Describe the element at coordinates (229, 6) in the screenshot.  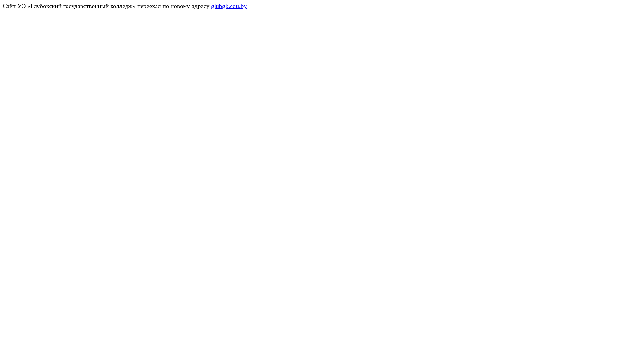
I see `'glubgk.edu.by'` at that location.